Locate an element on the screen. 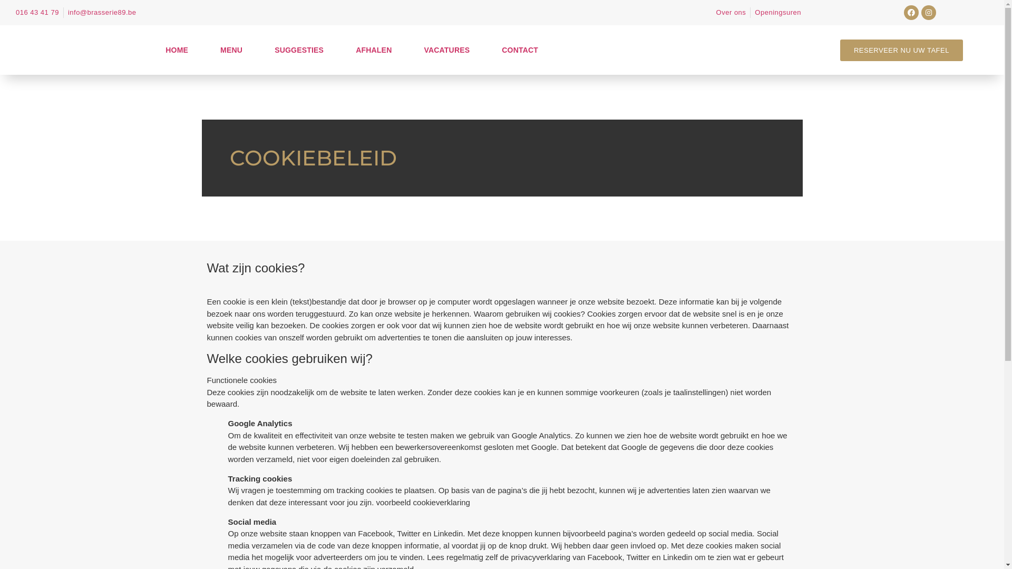 The width and height of the screenshot is (1012, 569). 'CONTACT' is located at coordinates (490, 50).